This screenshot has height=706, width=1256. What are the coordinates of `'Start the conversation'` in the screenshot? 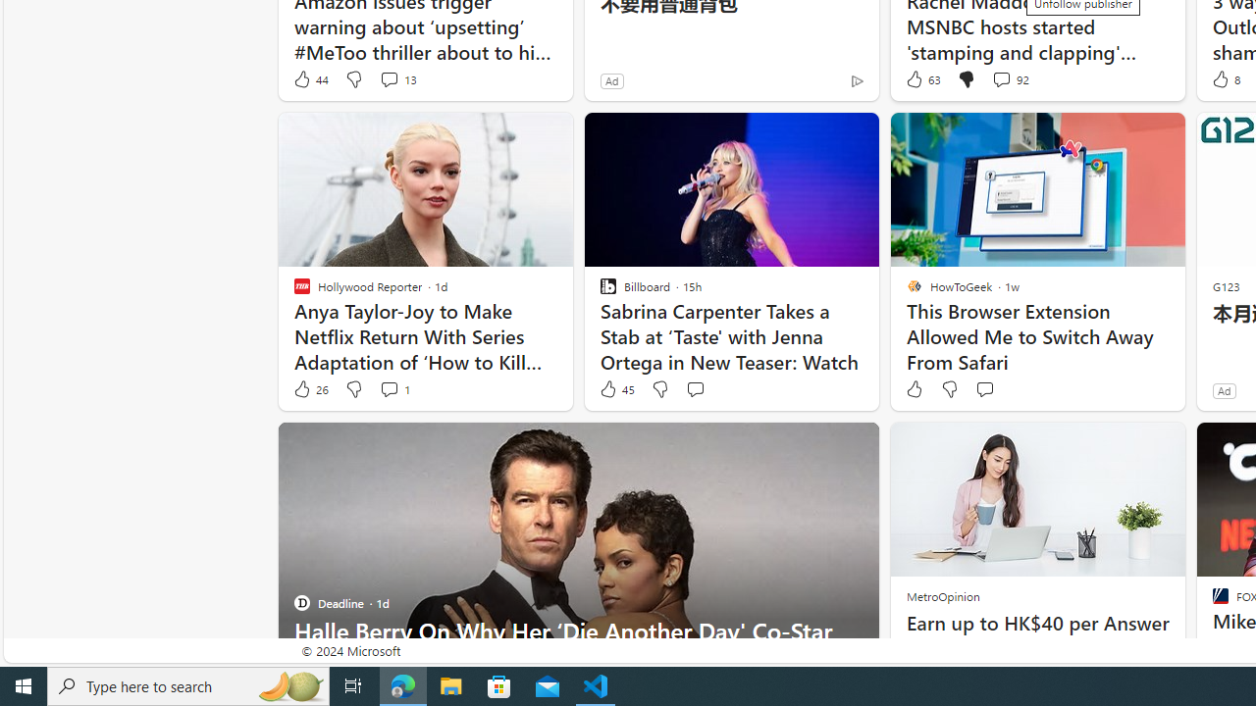 It's located at (984, 389).